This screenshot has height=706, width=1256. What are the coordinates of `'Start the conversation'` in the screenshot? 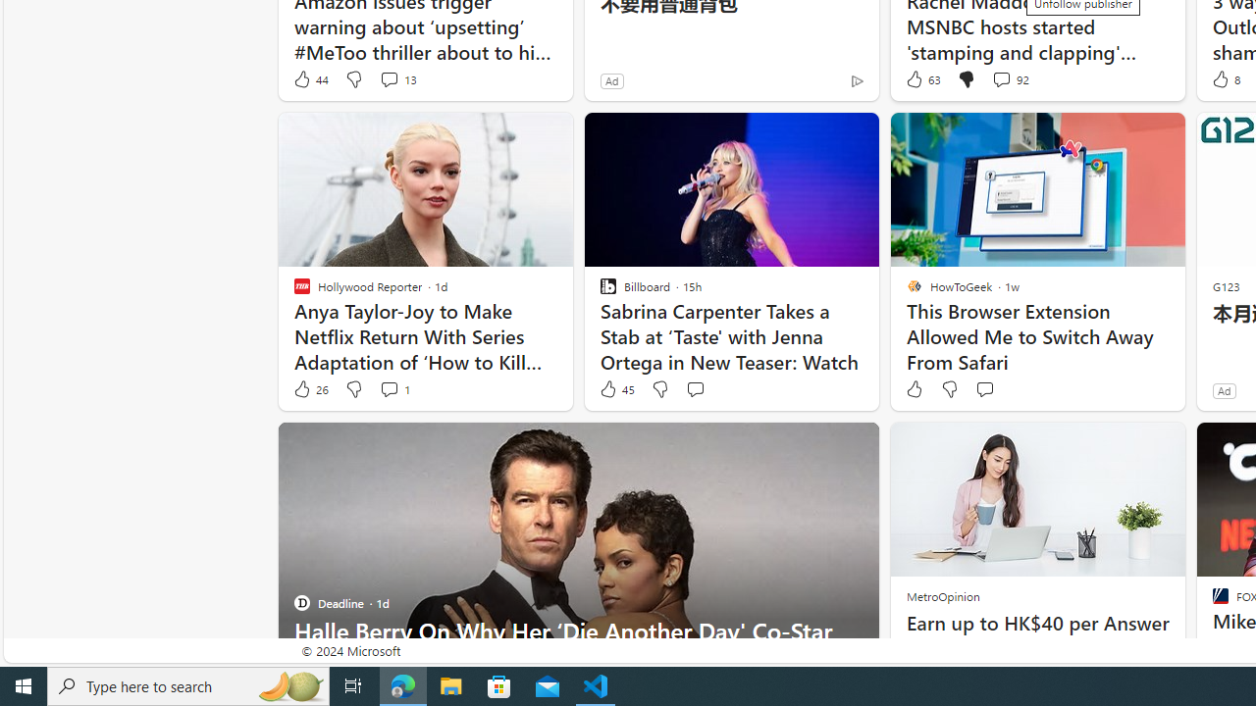 It's located at (984, 389).